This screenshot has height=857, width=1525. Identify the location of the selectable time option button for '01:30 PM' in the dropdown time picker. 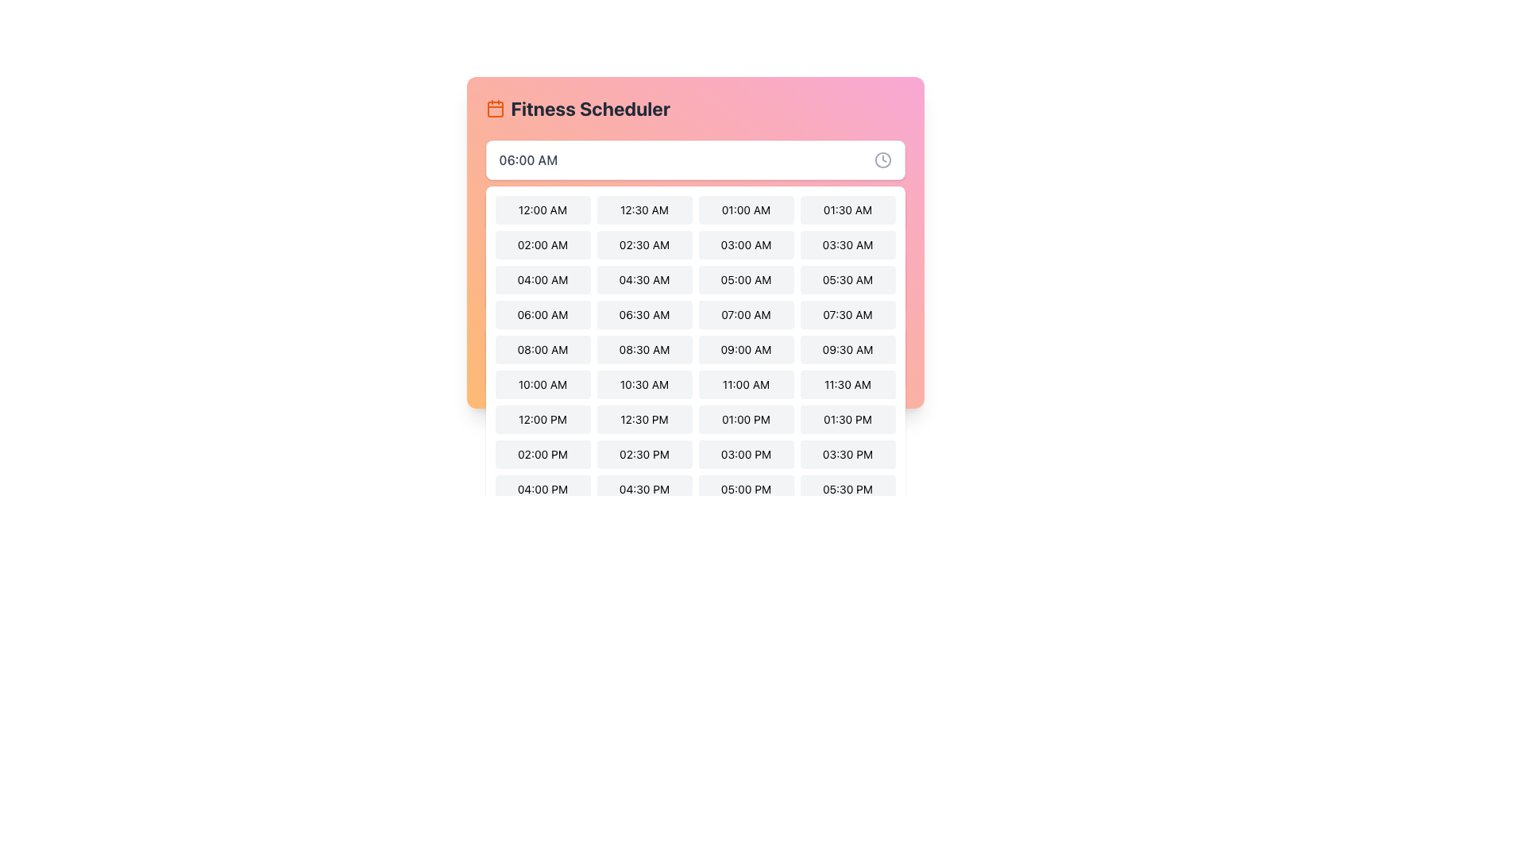
(847, 418).